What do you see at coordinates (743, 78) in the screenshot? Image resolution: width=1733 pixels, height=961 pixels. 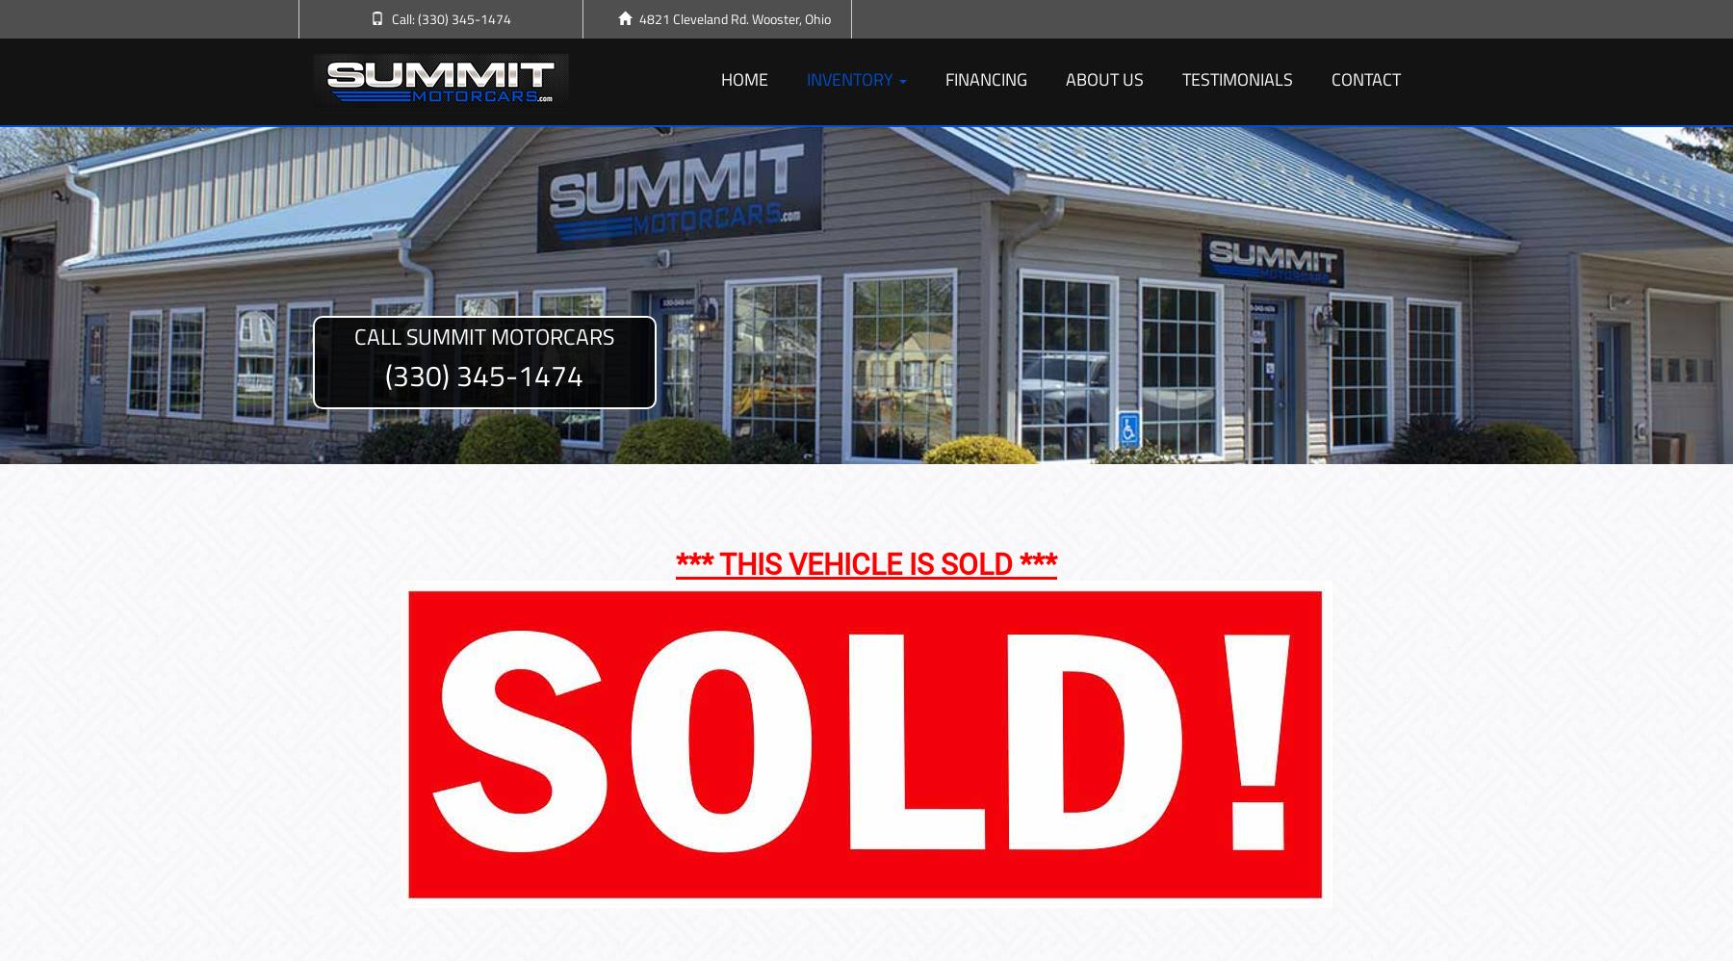 I see `'Home'` at bounding box center [743, 78].